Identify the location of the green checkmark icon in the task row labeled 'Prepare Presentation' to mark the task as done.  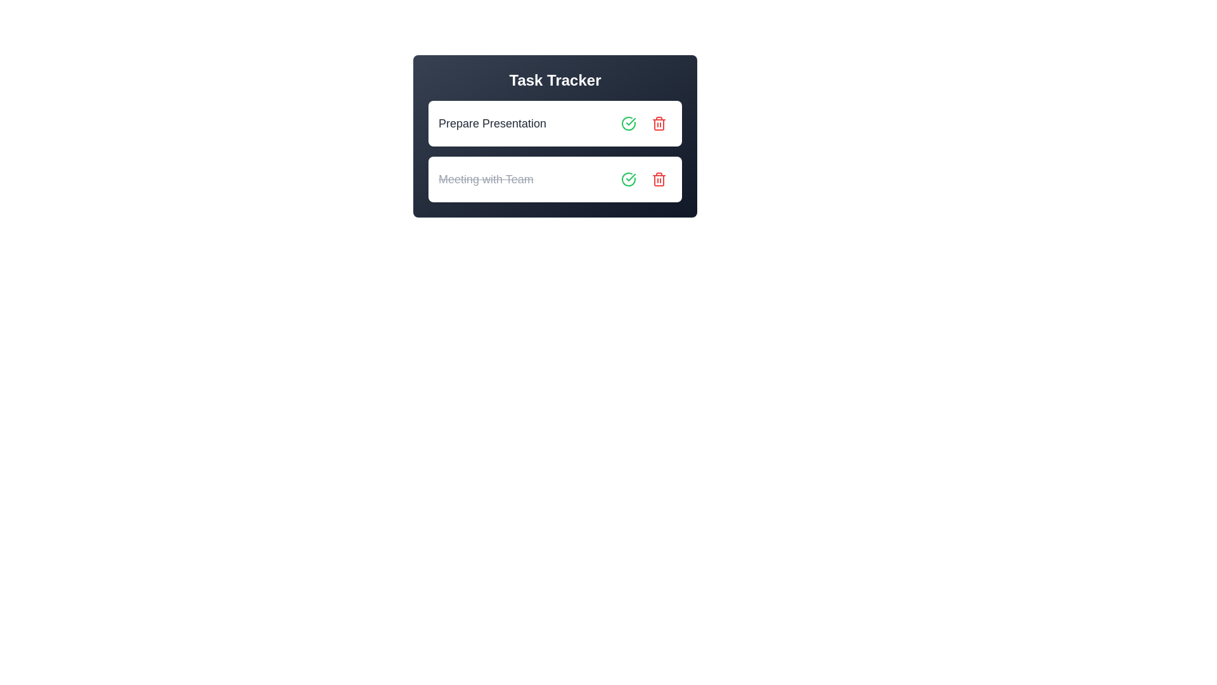
(631, 178).